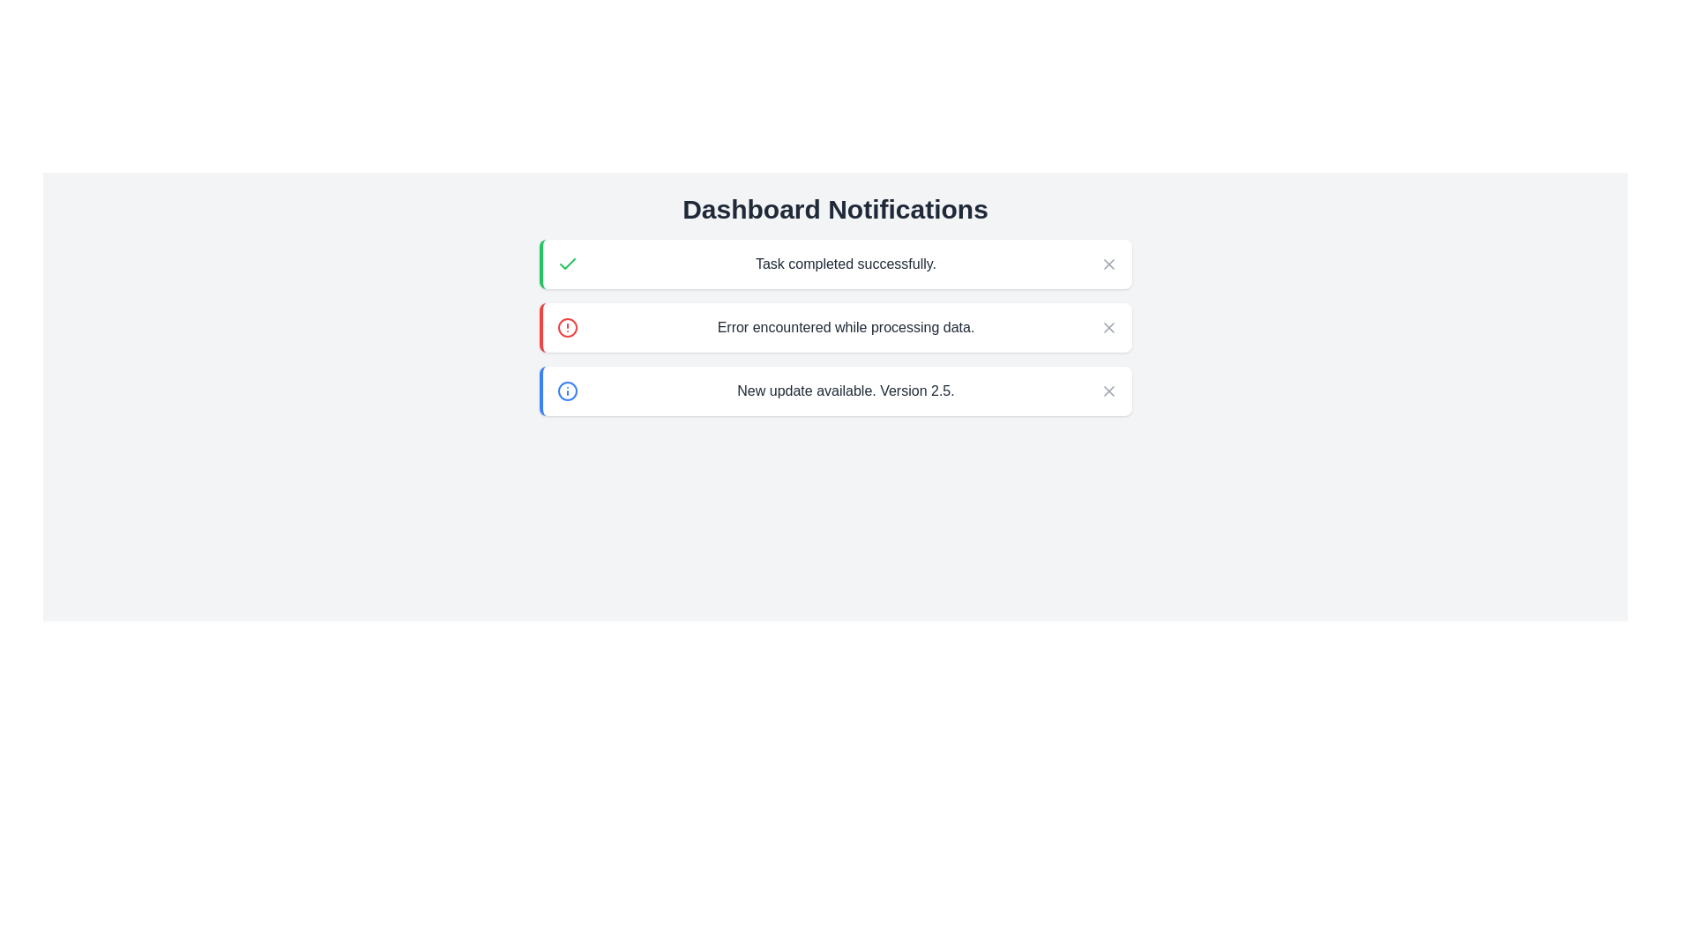 The width and height of the screenshot is (1693, 952). What do you see at coordinates (1108, 390) in the screenshot?
I see `the Close button located in the top-right corner of the notification card labeled 'New update available. Version 2.5.'` at bounding box center [1108, 390].